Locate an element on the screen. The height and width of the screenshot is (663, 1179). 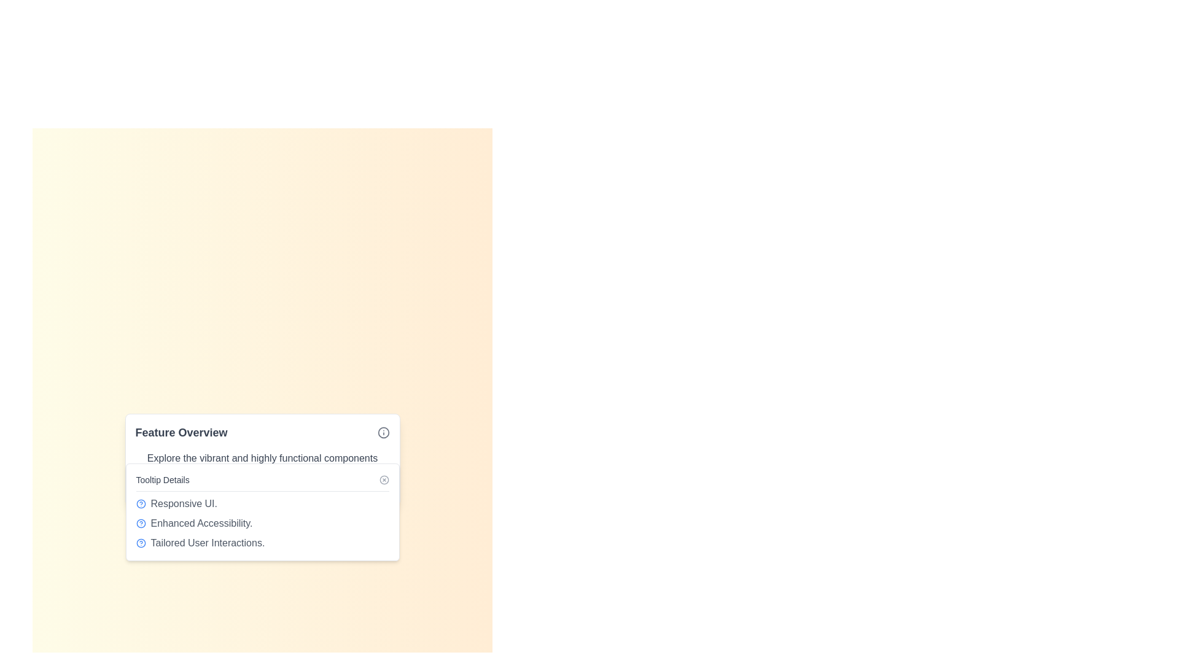
the small circular icon button with a cross ('X') symbol located at the top-right corner of the 'Tooltip Details' header is located at coordinates (383, 479).